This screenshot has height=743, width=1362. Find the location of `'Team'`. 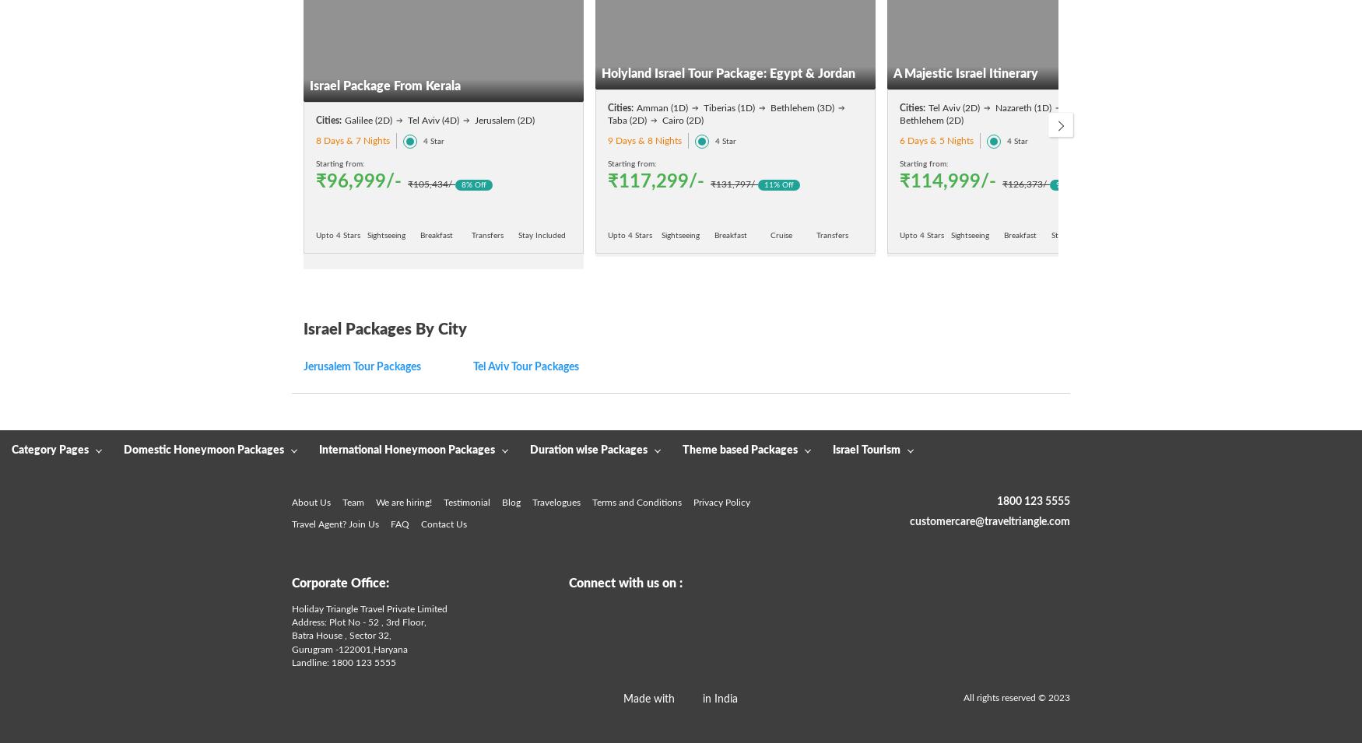

'Team' is located at coordinates (353, 501).